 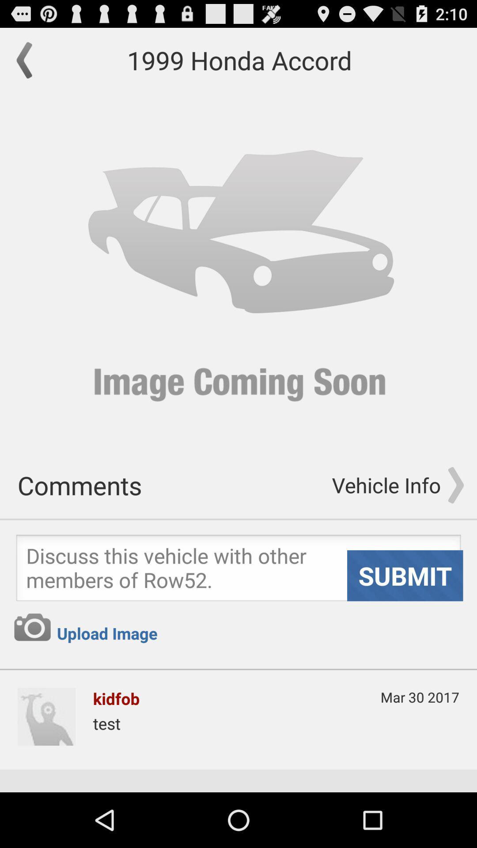 I want to click on icon at the top left corner, so click(x=28, y=60).